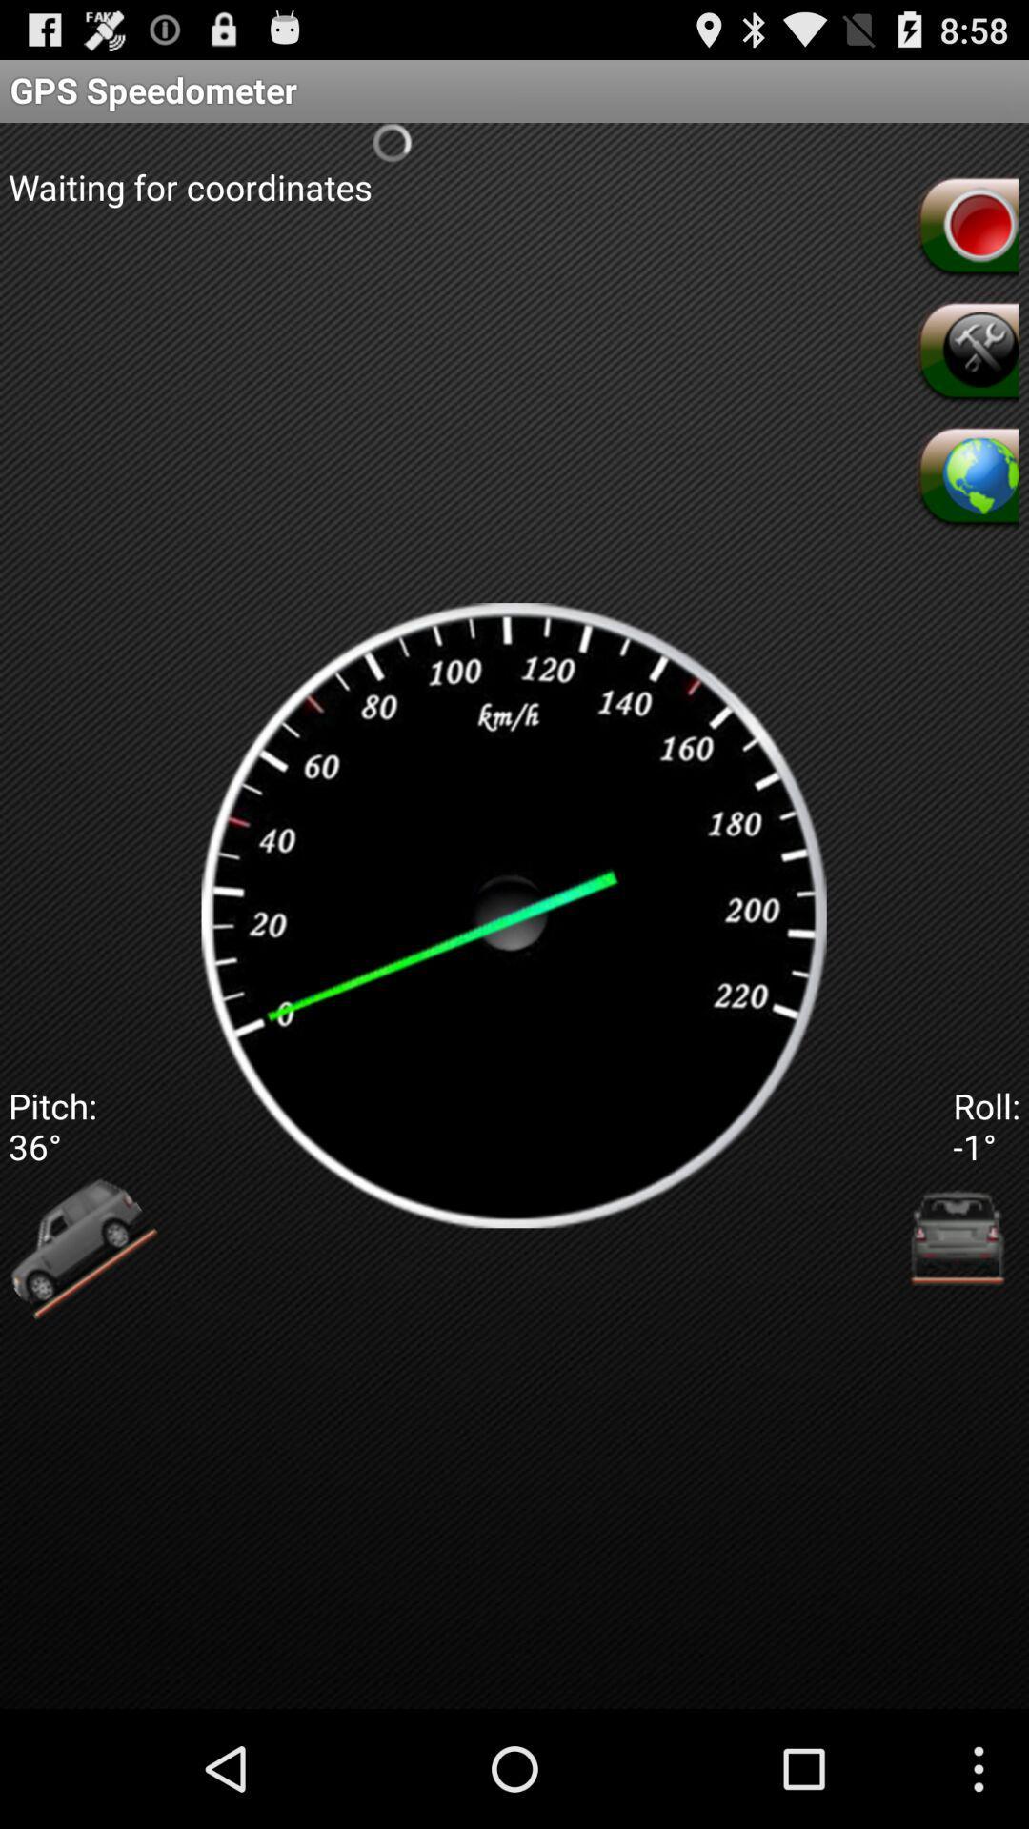 The width and height of the screenshot is (1029, 1829). What do you see at coordinates (966, 374) in the screenshot?
I see `the build icon` at bounding box center [966, 374].